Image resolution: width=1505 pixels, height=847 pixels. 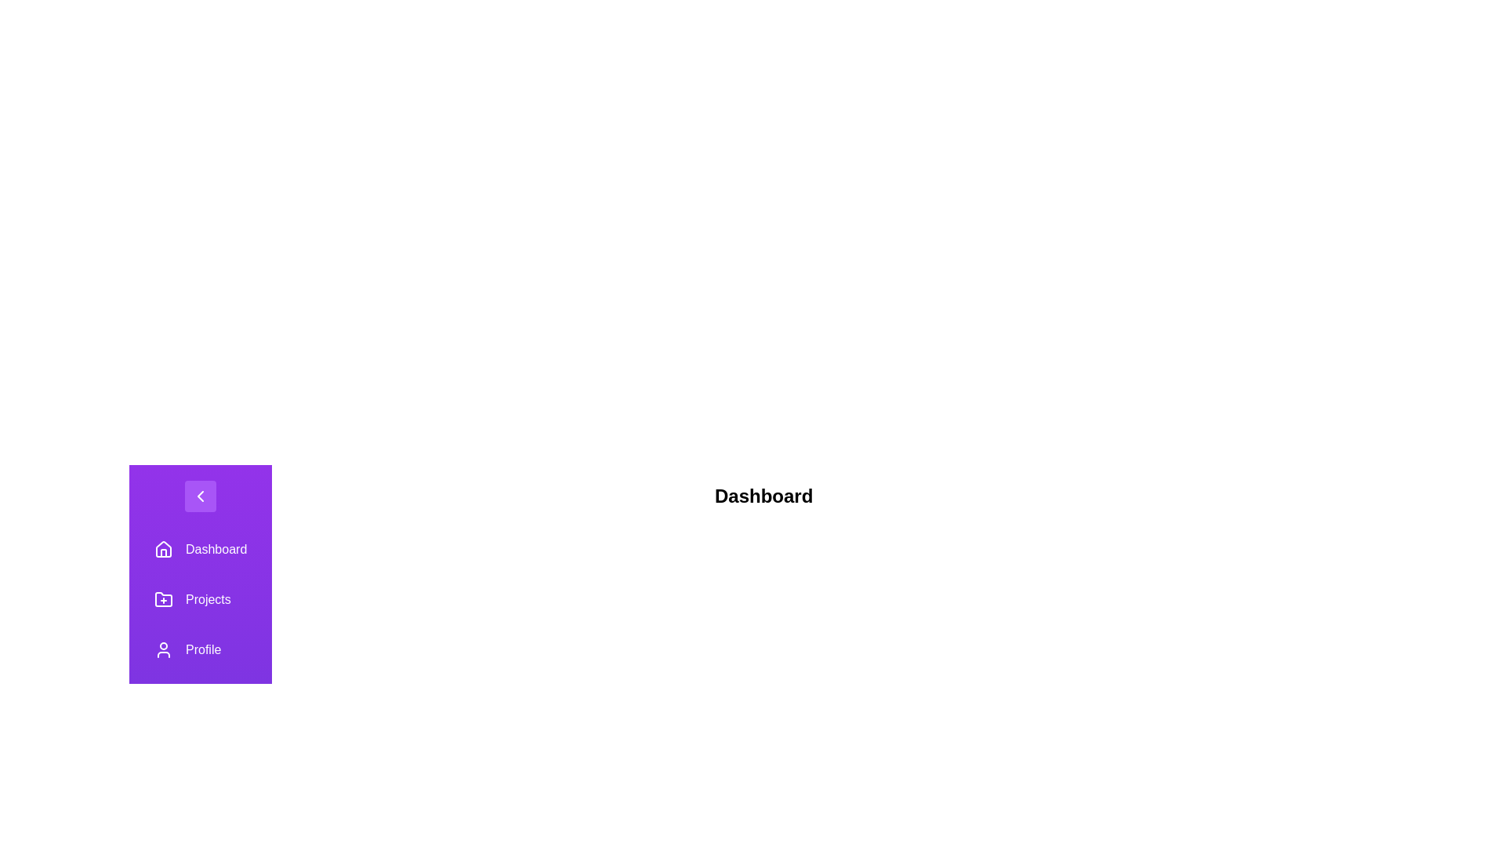 I want to click on the icon representing the 'Projects' action in the sidebar menu, so click(x=164, y=599).